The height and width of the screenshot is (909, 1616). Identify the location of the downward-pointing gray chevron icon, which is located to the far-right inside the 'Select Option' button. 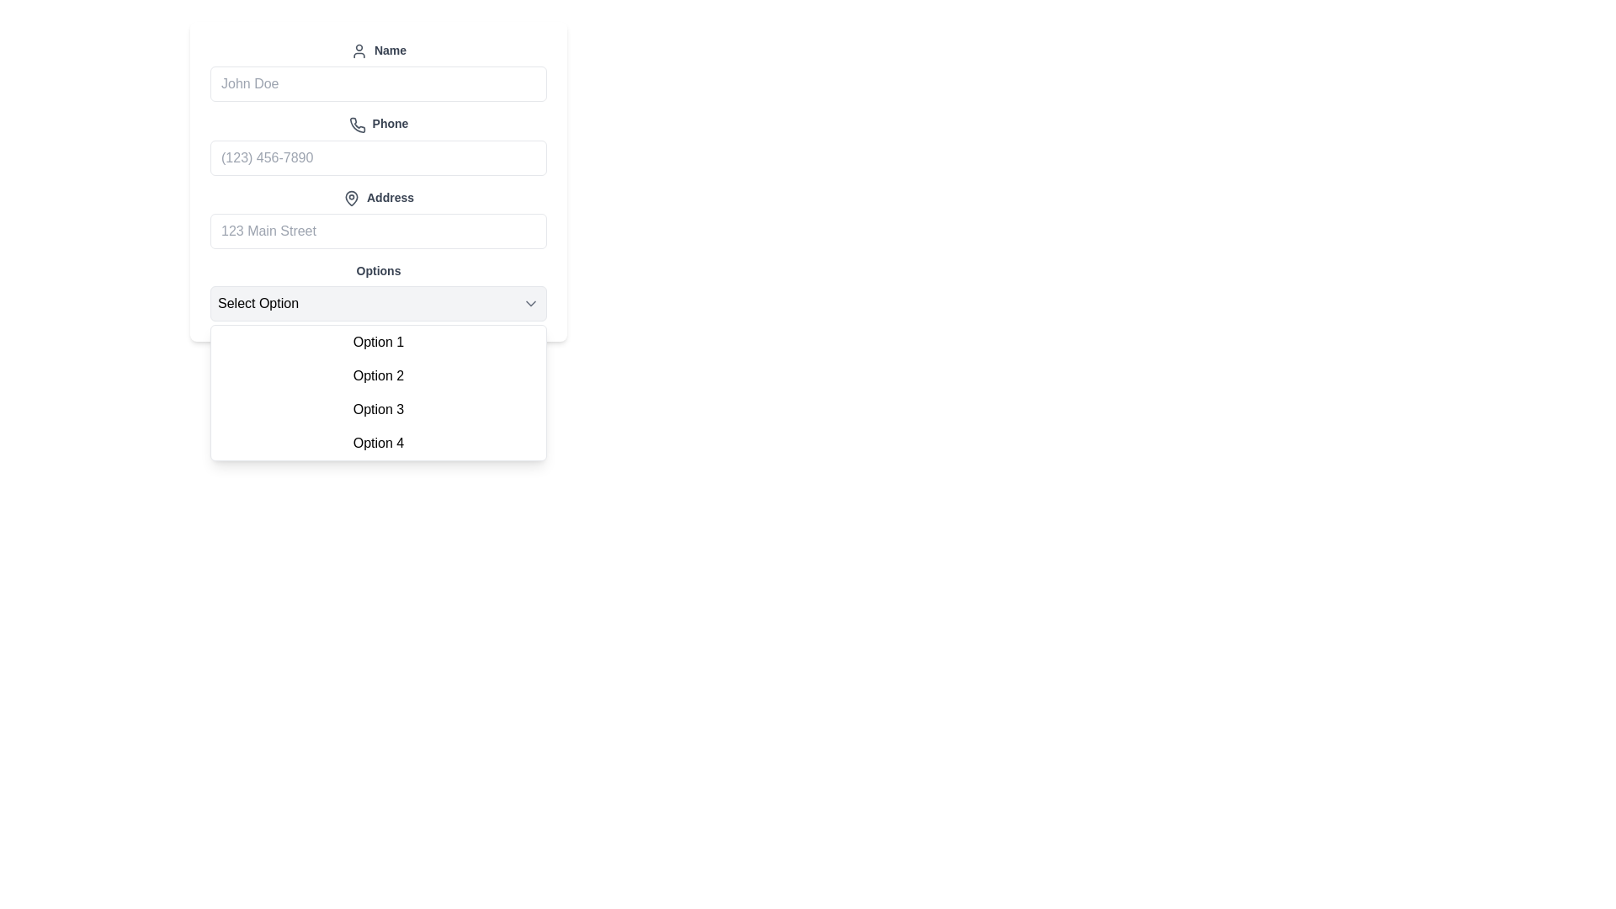
(529, 301).